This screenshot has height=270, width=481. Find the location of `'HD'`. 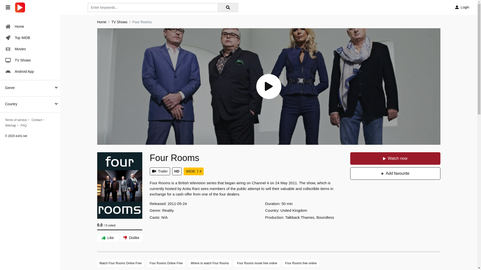

'HD' is located at coordinates (177, 171).